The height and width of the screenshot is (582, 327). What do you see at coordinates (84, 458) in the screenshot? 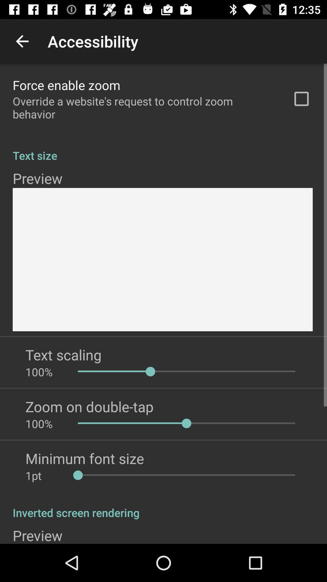
I see `minimum font size item` at bounding box center [84, 458].